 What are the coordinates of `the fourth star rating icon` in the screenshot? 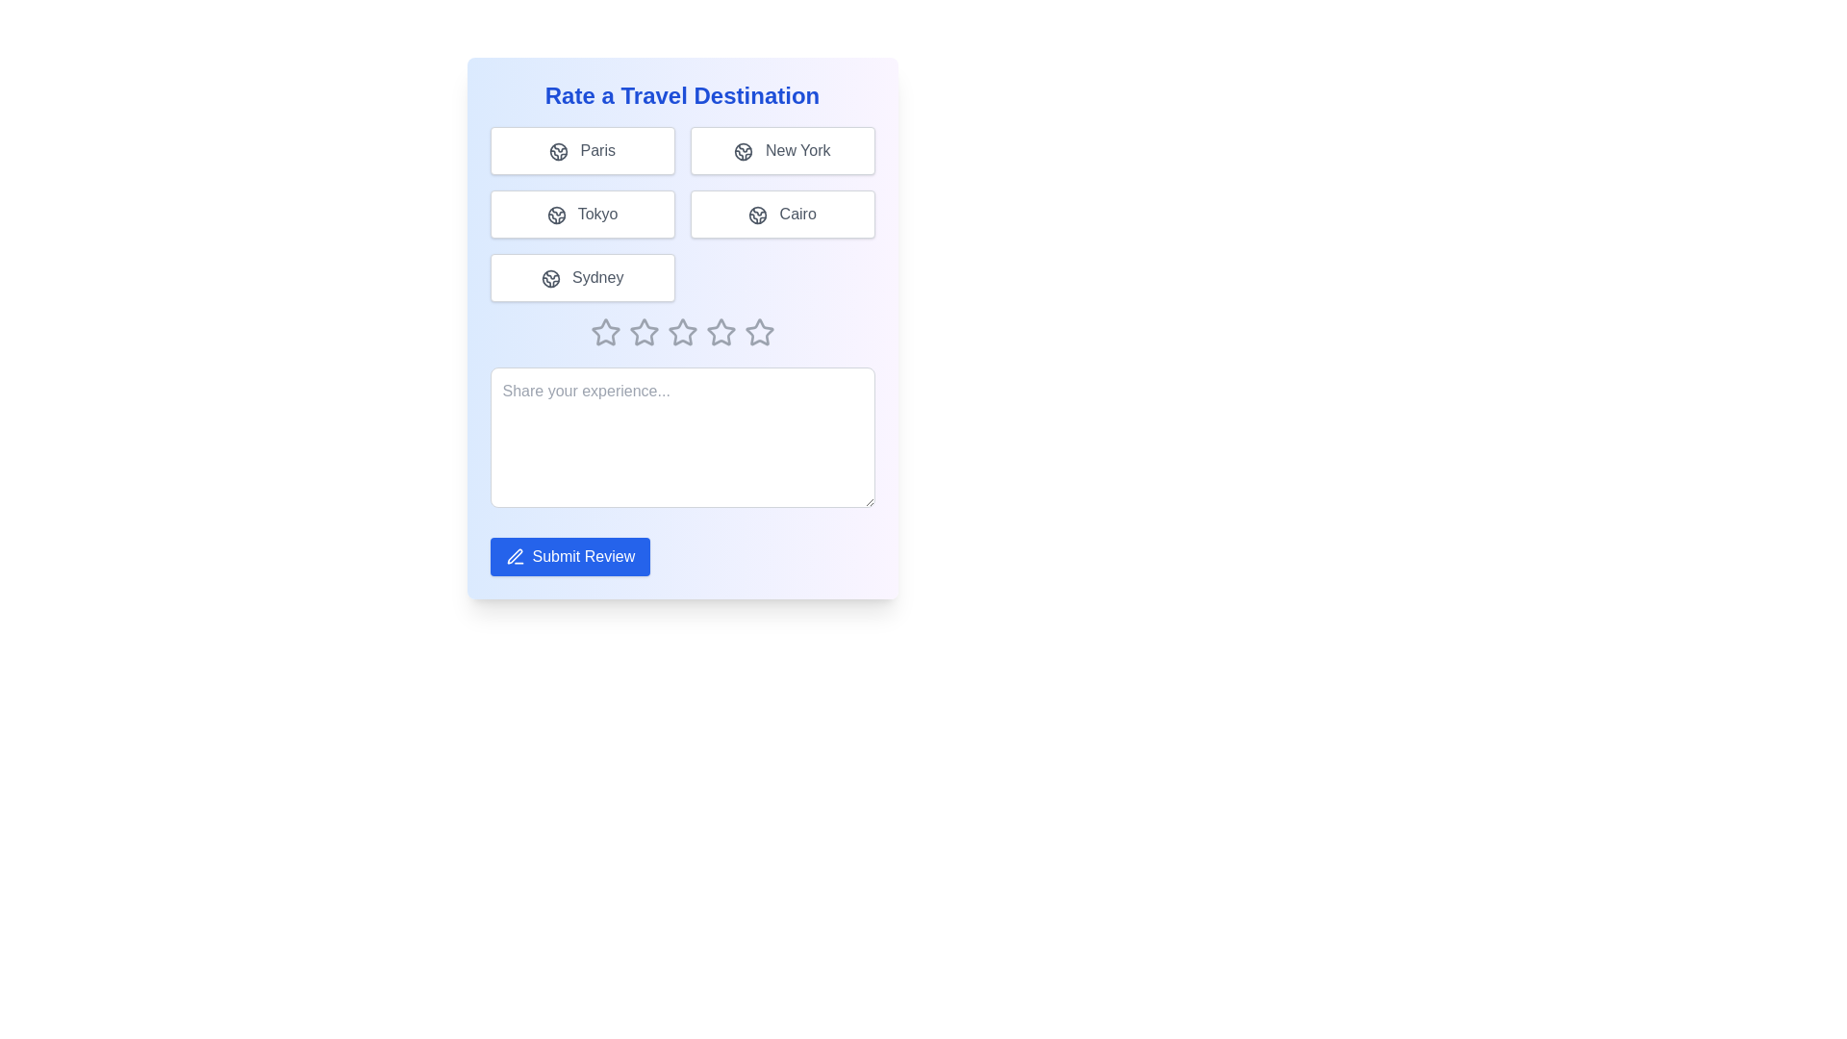 It's located at (682, 332).